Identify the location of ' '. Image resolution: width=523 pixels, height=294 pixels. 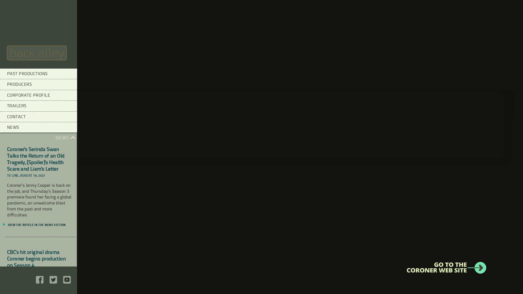
(66, 282).